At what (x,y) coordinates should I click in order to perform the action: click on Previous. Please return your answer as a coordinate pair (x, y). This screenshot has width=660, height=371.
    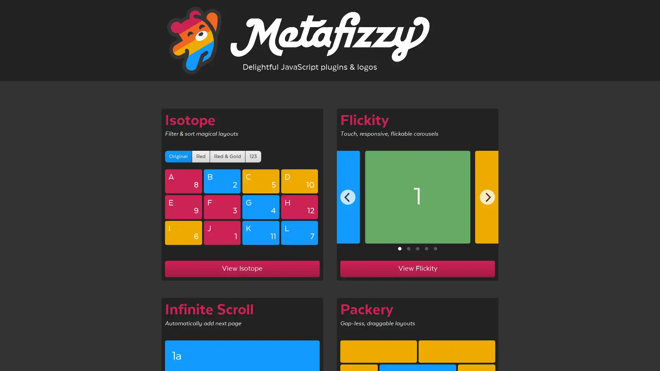
    Looking at the image, I should click on (348, 197).